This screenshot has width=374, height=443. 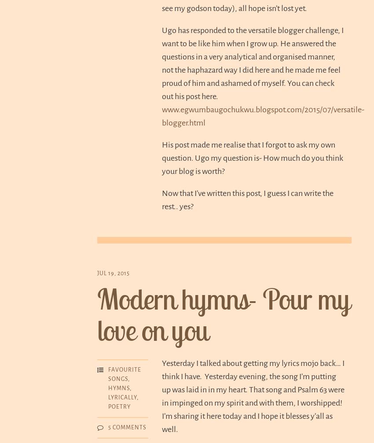 I want to click on 'Poetry', so click(x=108, y=406).